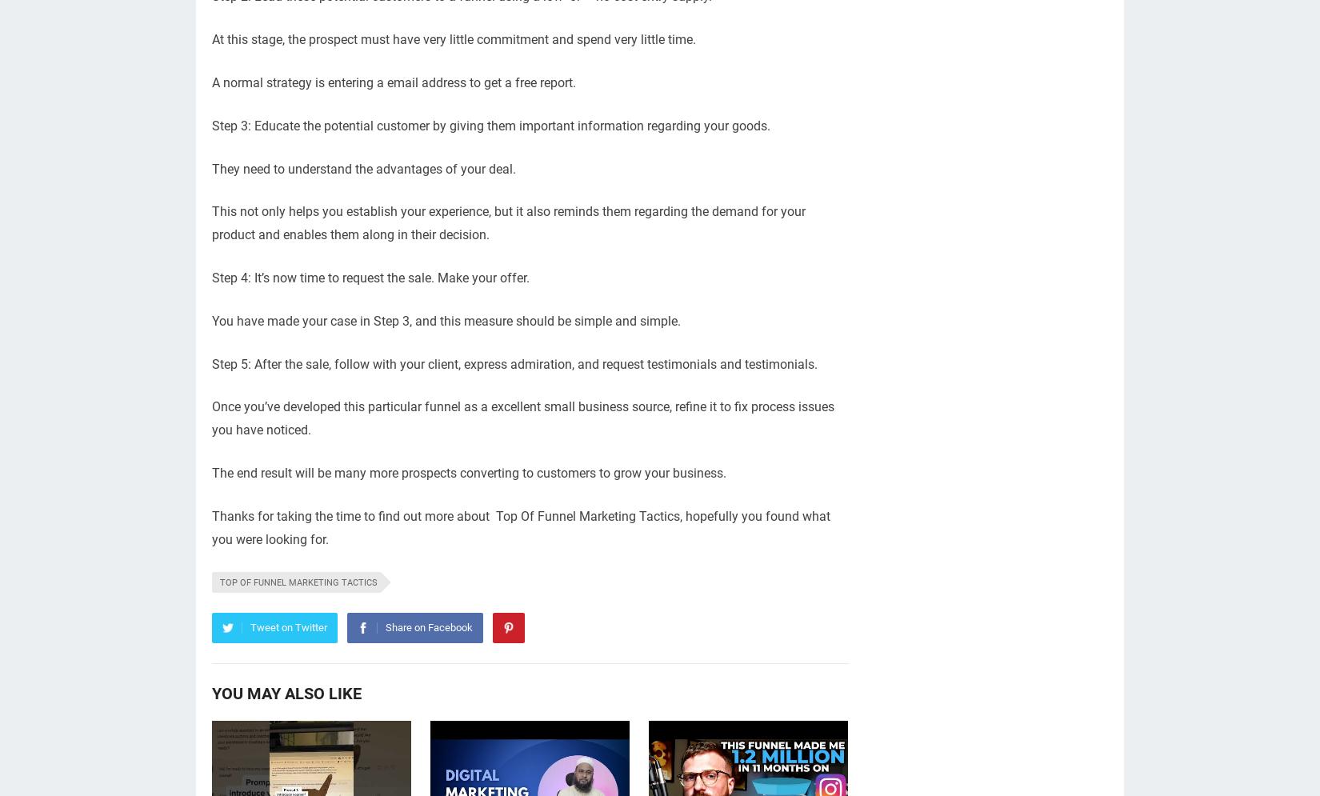 This screenshot has width=1320, height=796. What do you see at coordinates (520, 526) in the screenshot?
I see `'Thanks for taking the time to find out more about  Top Of Funnel Marketing Tactics, hopefully you found what you were looking for.'` at bounding box center [520, 526].